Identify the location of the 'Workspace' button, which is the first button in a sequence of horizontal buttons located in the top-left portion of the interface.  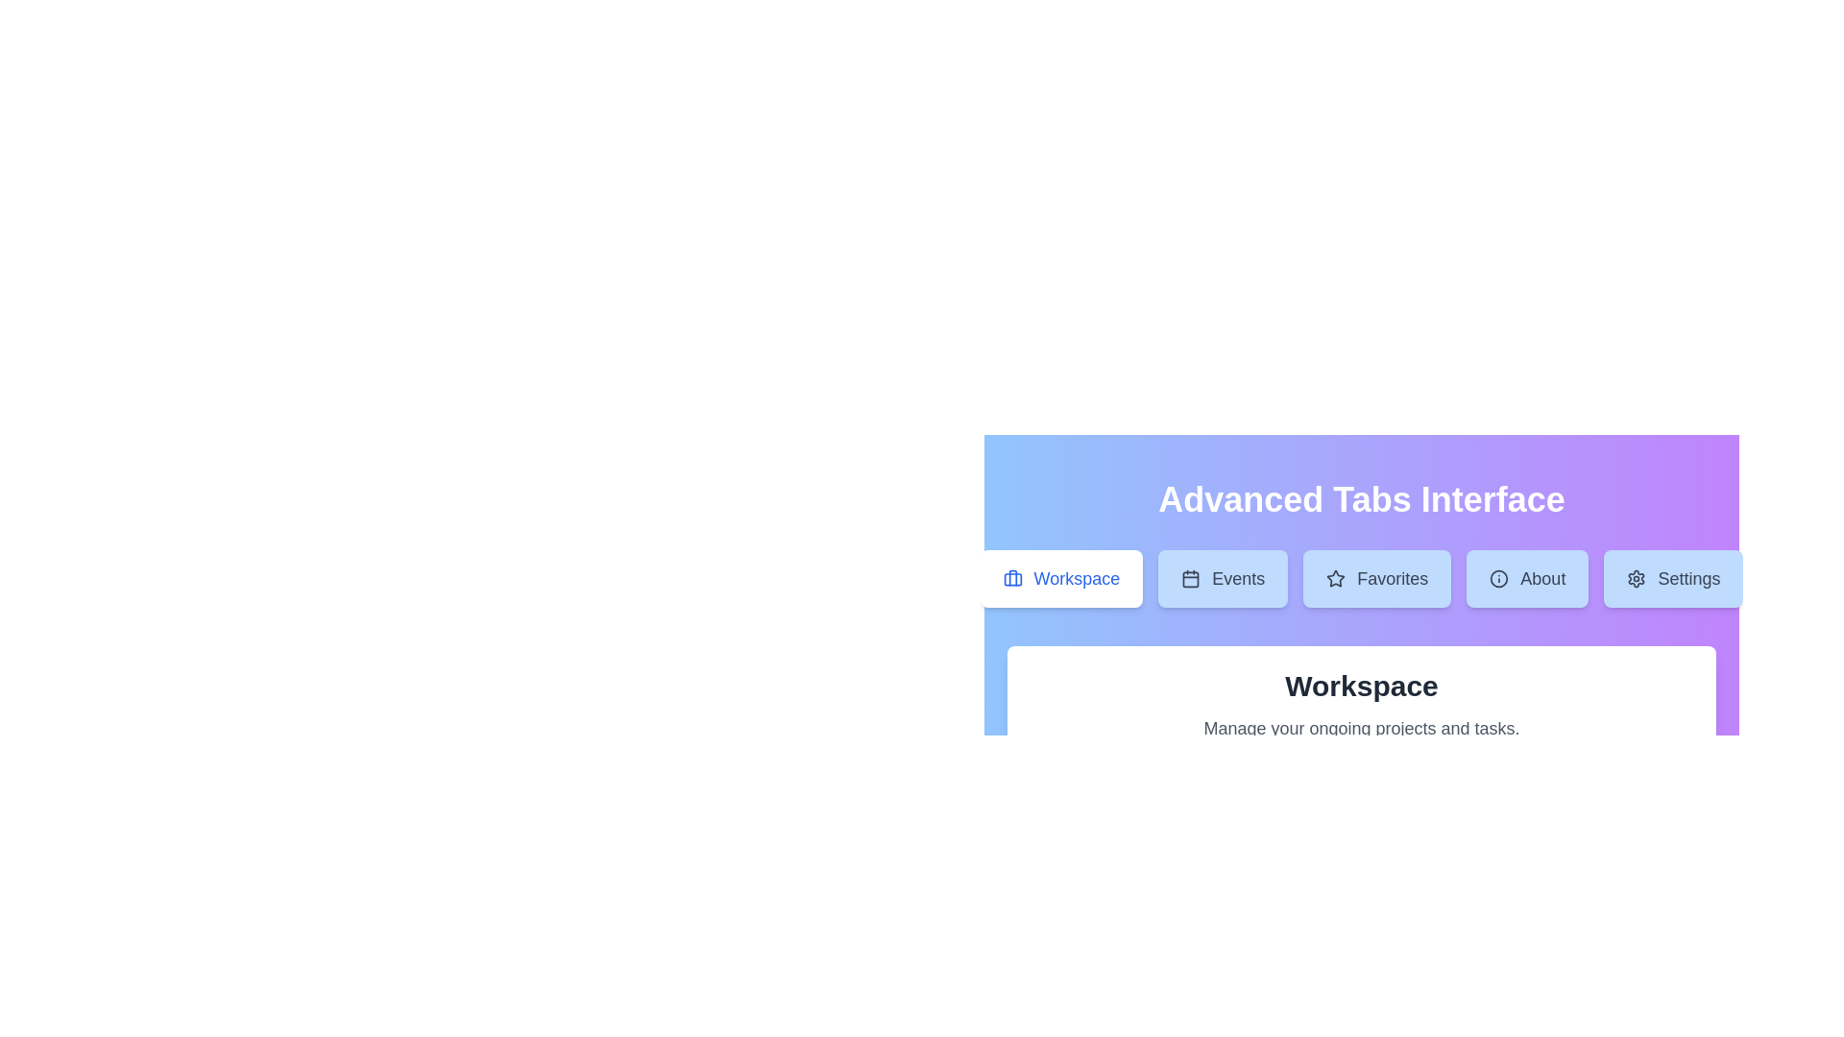
(1060, 577).